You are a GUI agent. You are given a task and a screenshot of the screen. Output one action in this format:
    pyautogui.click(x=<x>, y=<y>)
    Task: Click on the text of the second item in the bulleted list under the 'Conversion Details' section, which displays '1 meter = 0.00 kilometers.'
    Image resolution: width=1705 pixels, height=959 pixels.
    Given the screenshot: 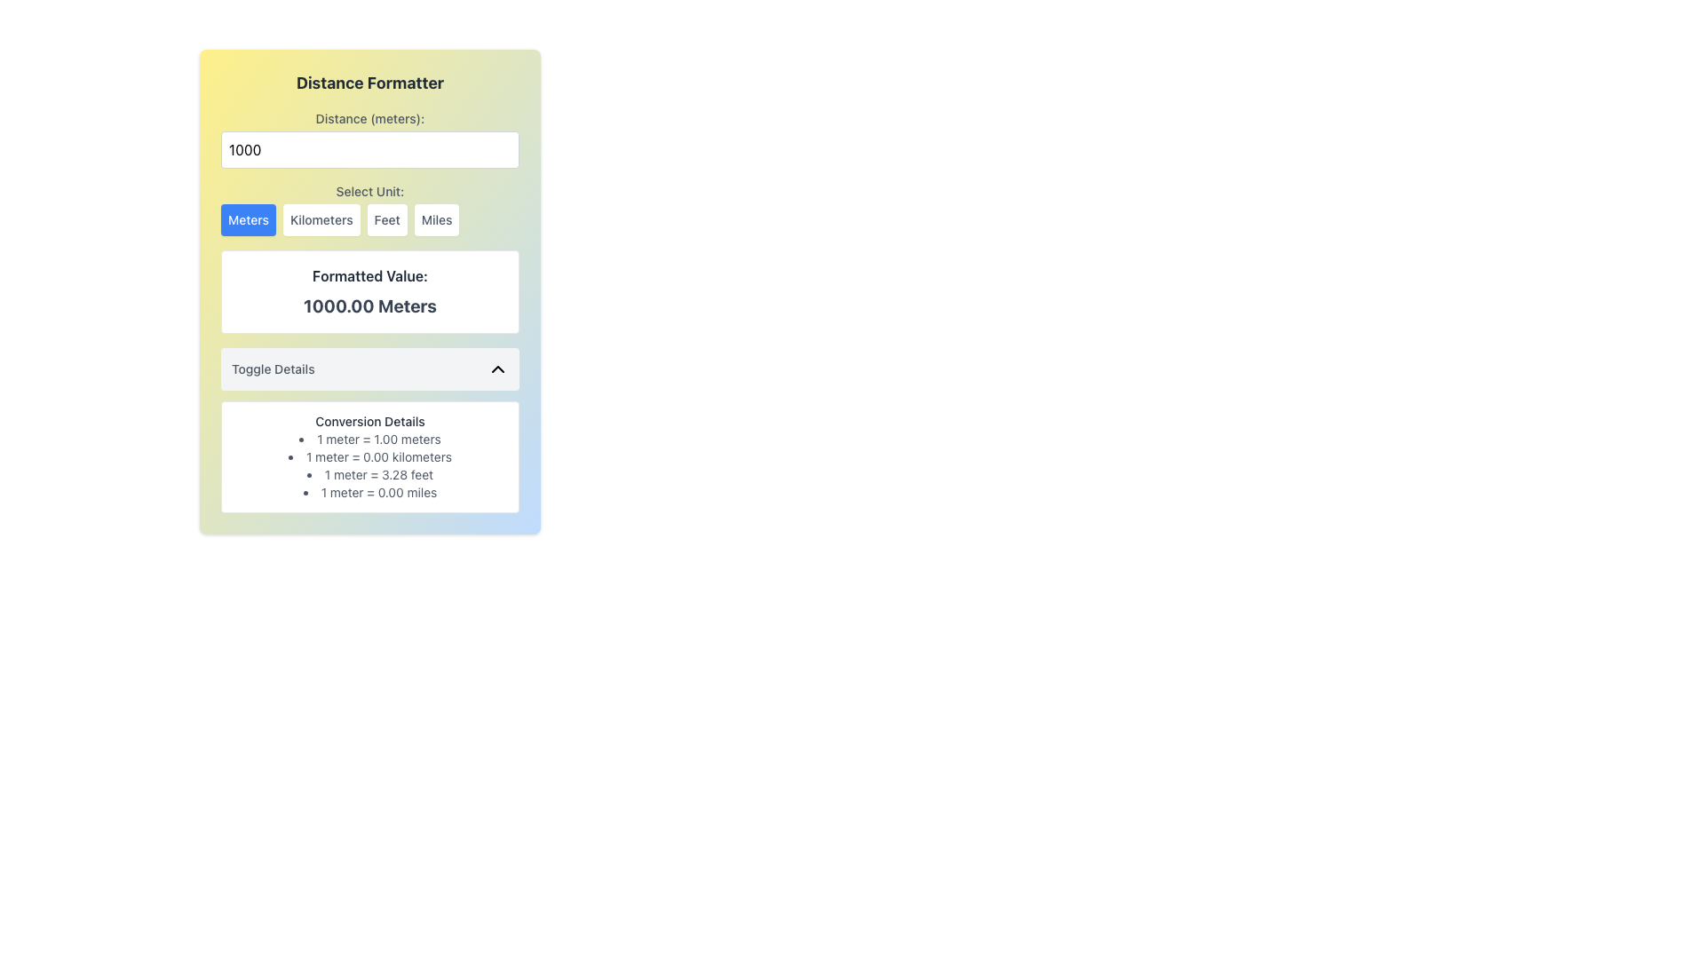 What is the action you would take?
    pyautogui.click(x=369, y=456)
    